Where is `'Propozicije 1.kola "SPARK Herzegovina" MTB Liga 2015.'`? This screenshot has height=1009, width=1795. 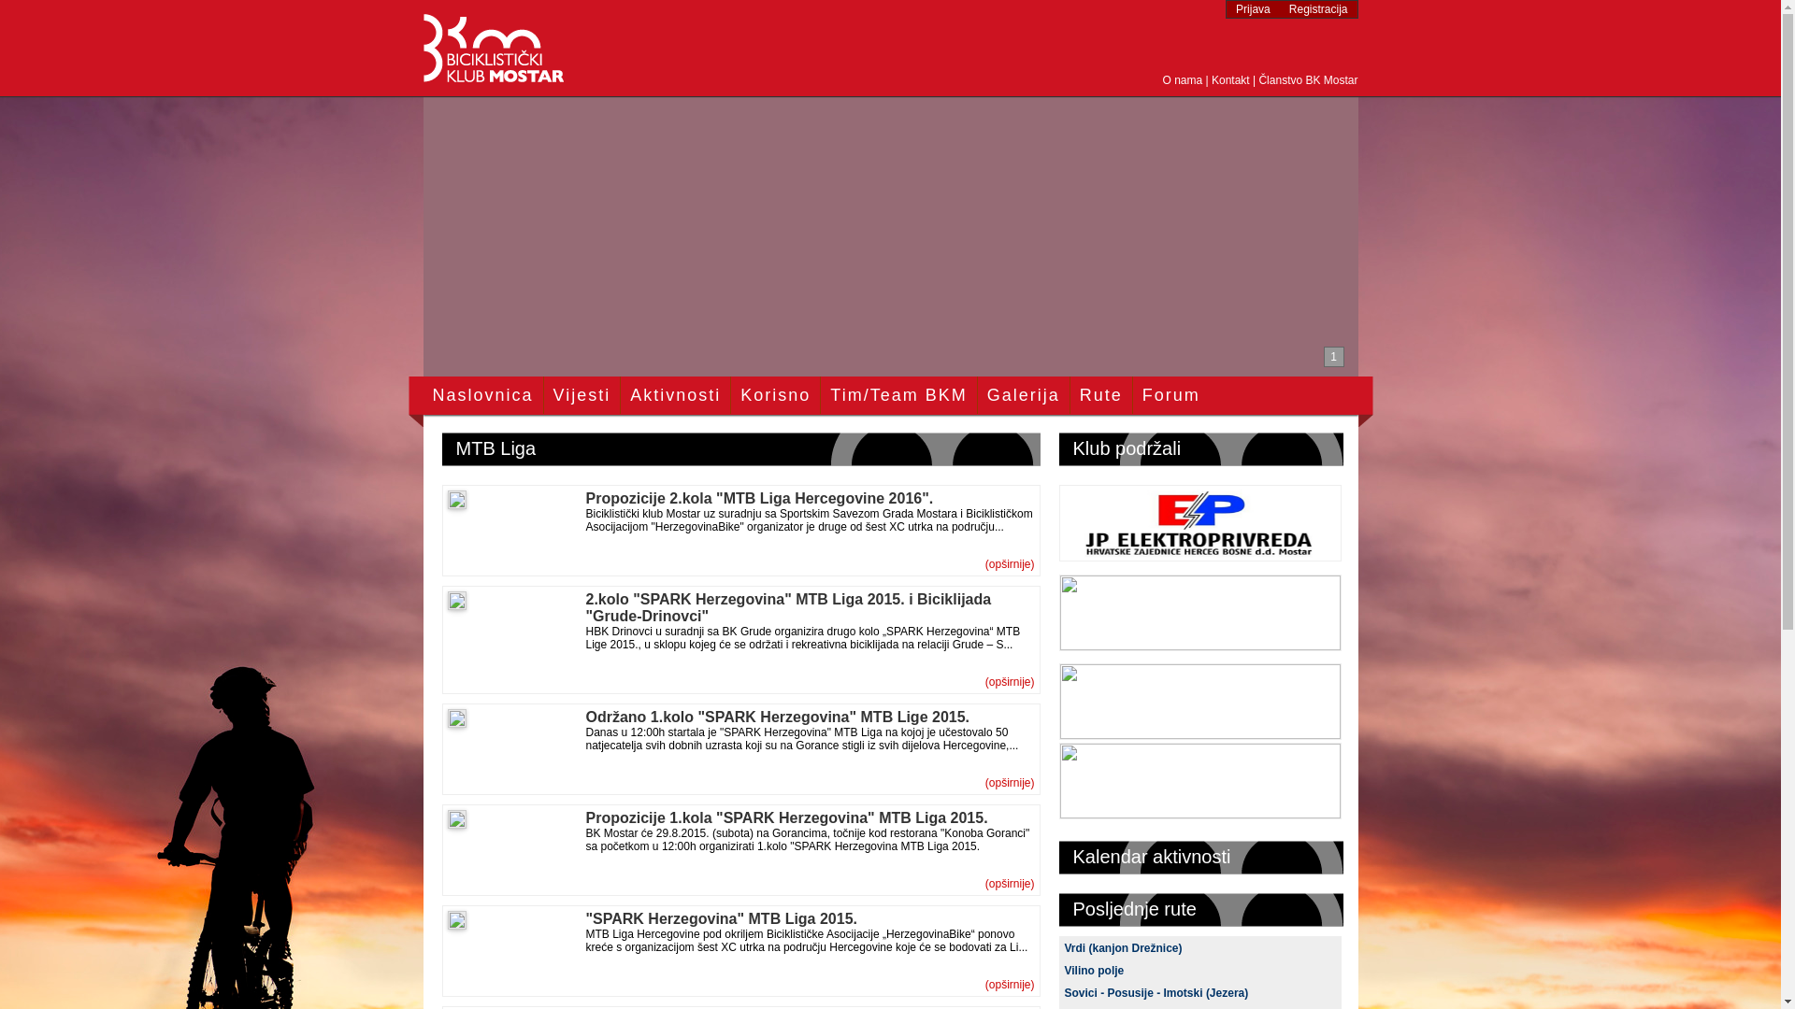
'Propozicije 1.kola "SPARK Herzegovina" MTB Liga 2015.' is located at coordinates (785, 817).